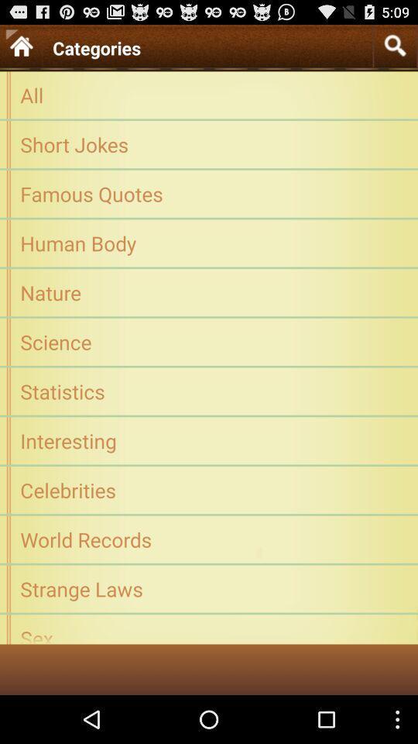 The height and width of the screenshot is (744, 418). I want to click on the nature app, so click(209, 291).